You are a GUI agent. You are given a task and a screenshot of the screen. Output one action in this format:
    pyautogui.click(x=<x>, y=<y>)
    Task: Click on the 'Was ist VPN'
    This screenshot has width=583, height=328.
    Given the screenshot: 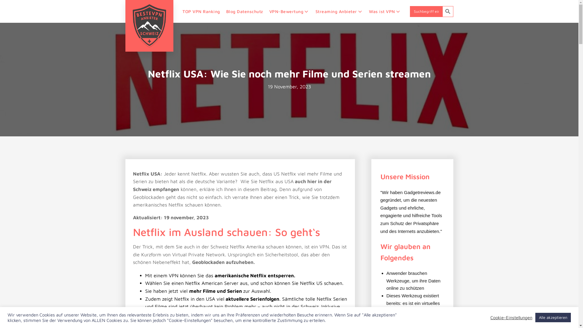 What is the action you would take?
    pyautogui.click(x=365, y=12)
    